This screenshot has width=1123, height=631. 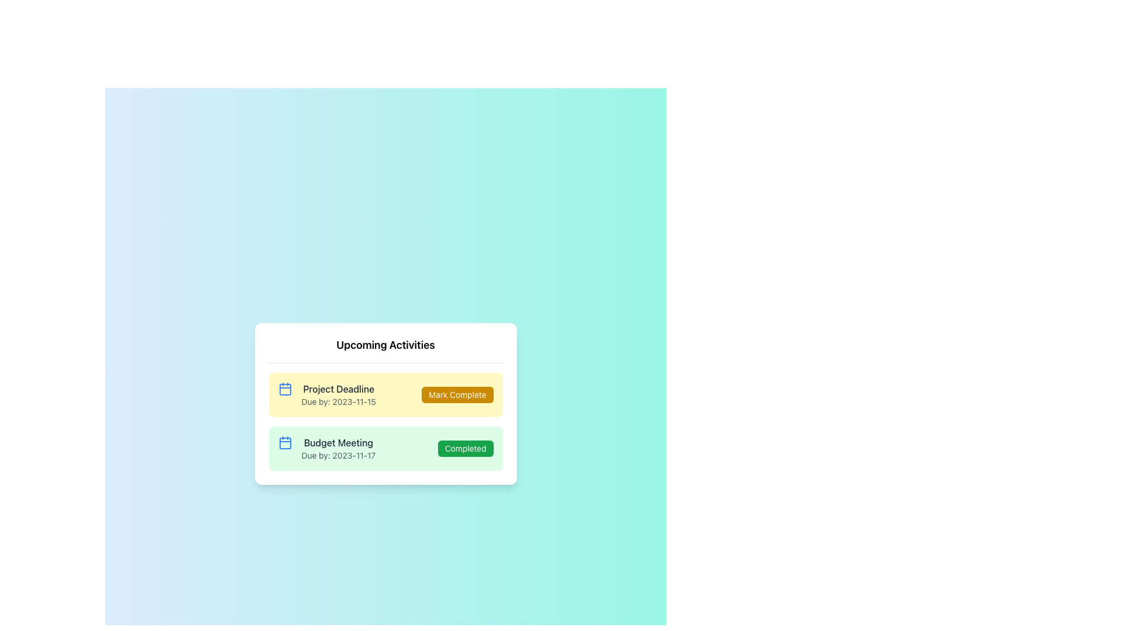 What do you see at coordinates (338, 389) in the screenshot?
I see `the Text Label that indicates the title or label for an activity in the schedule, located in the upper section of the highlighted area of the panel listing 'Upcoming Activities'` at bounding box center [338, 389].